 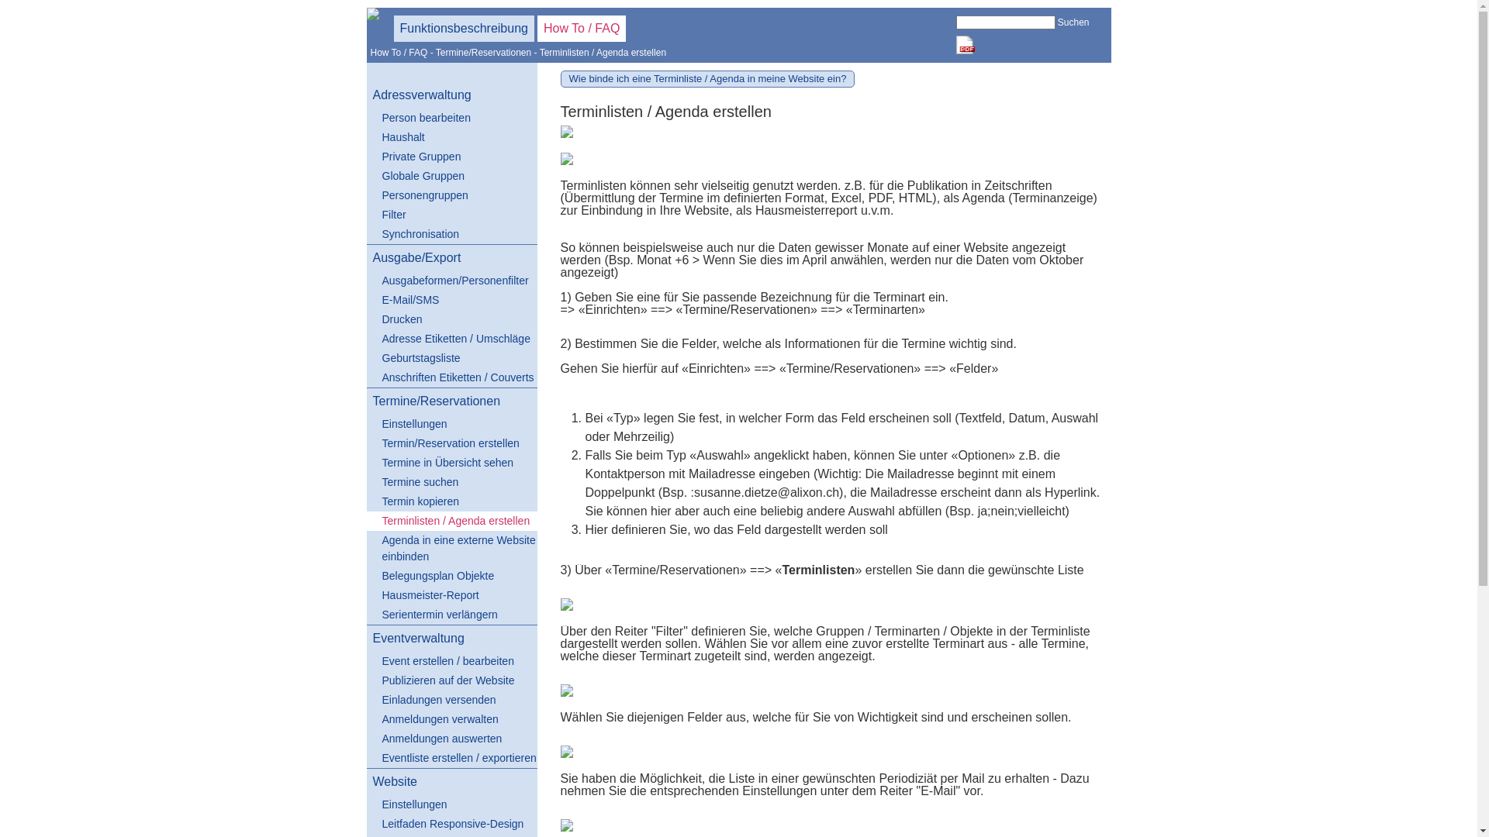 I want to click on 'Eventliste erstellen / exportieren', so click(x=364, y=757).